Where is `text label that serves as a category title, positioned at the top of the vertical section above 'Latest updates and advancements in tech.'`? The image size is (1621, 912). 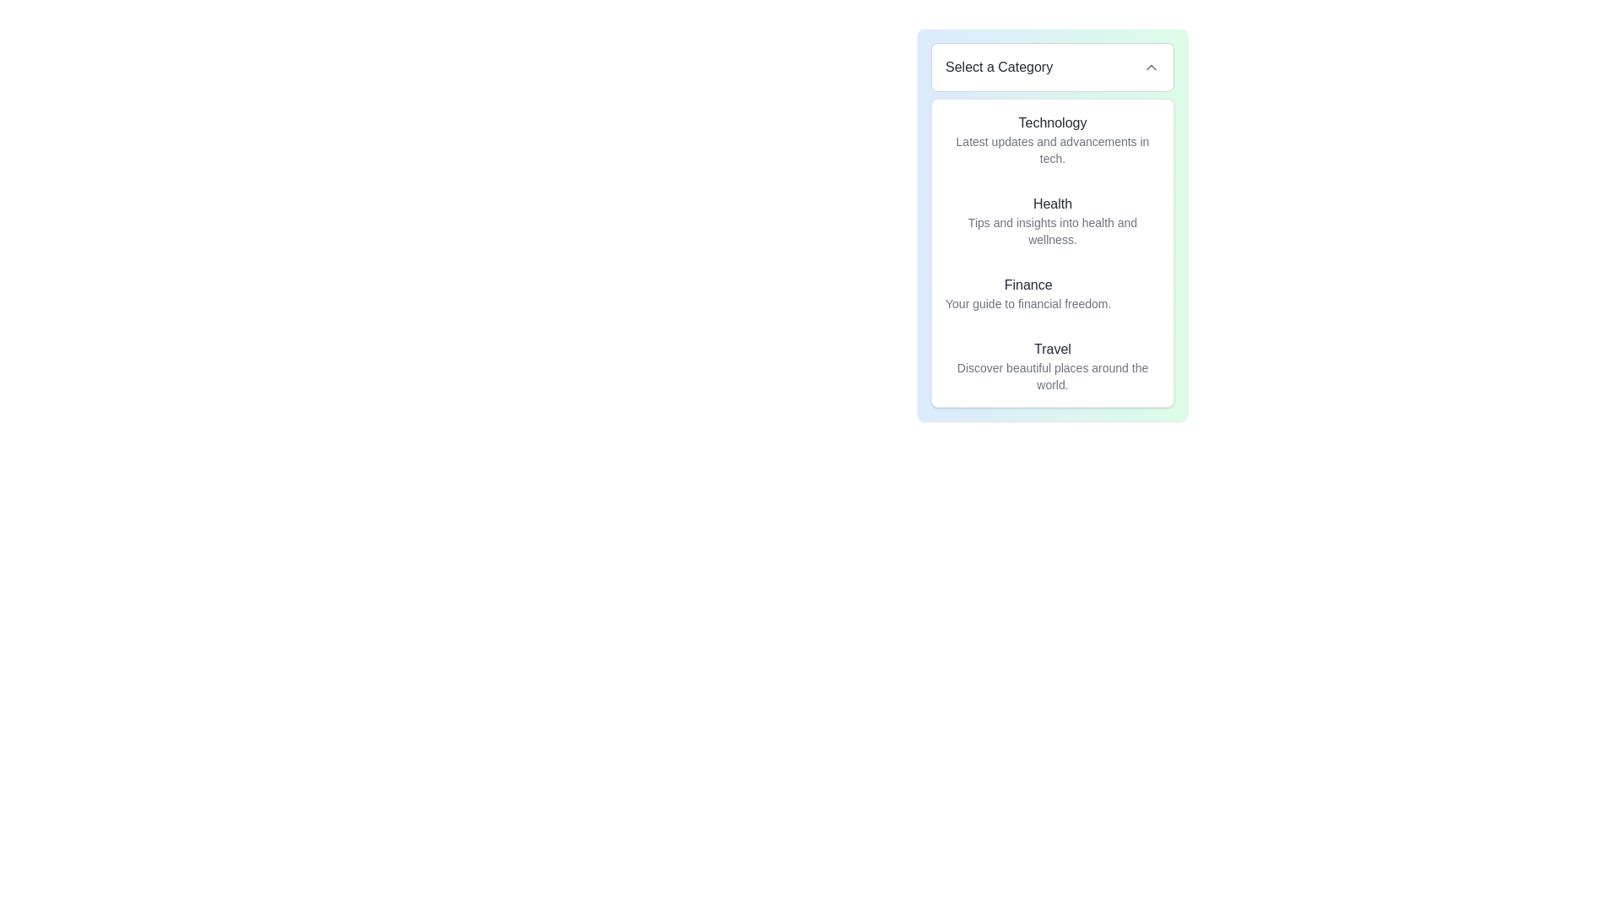 text label that serves as a category title, positioned at the top of the vertical section above 'Latest updates and advancements in tech.' is located at coordinates (1052, 122).